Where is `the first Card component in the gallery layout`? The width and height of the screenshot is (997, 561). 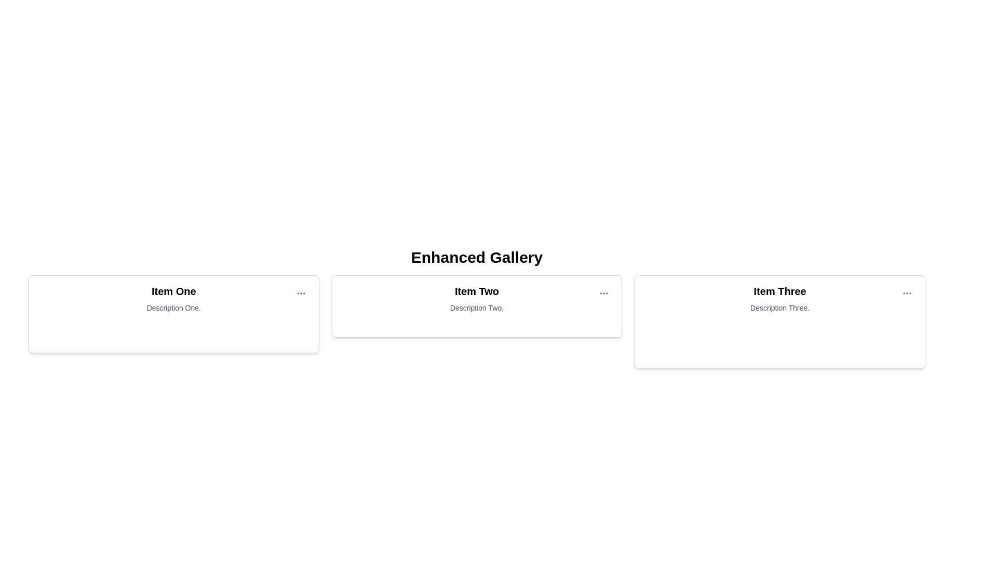 the first Card component in the gallery layout is located at coordinates (173, 314).